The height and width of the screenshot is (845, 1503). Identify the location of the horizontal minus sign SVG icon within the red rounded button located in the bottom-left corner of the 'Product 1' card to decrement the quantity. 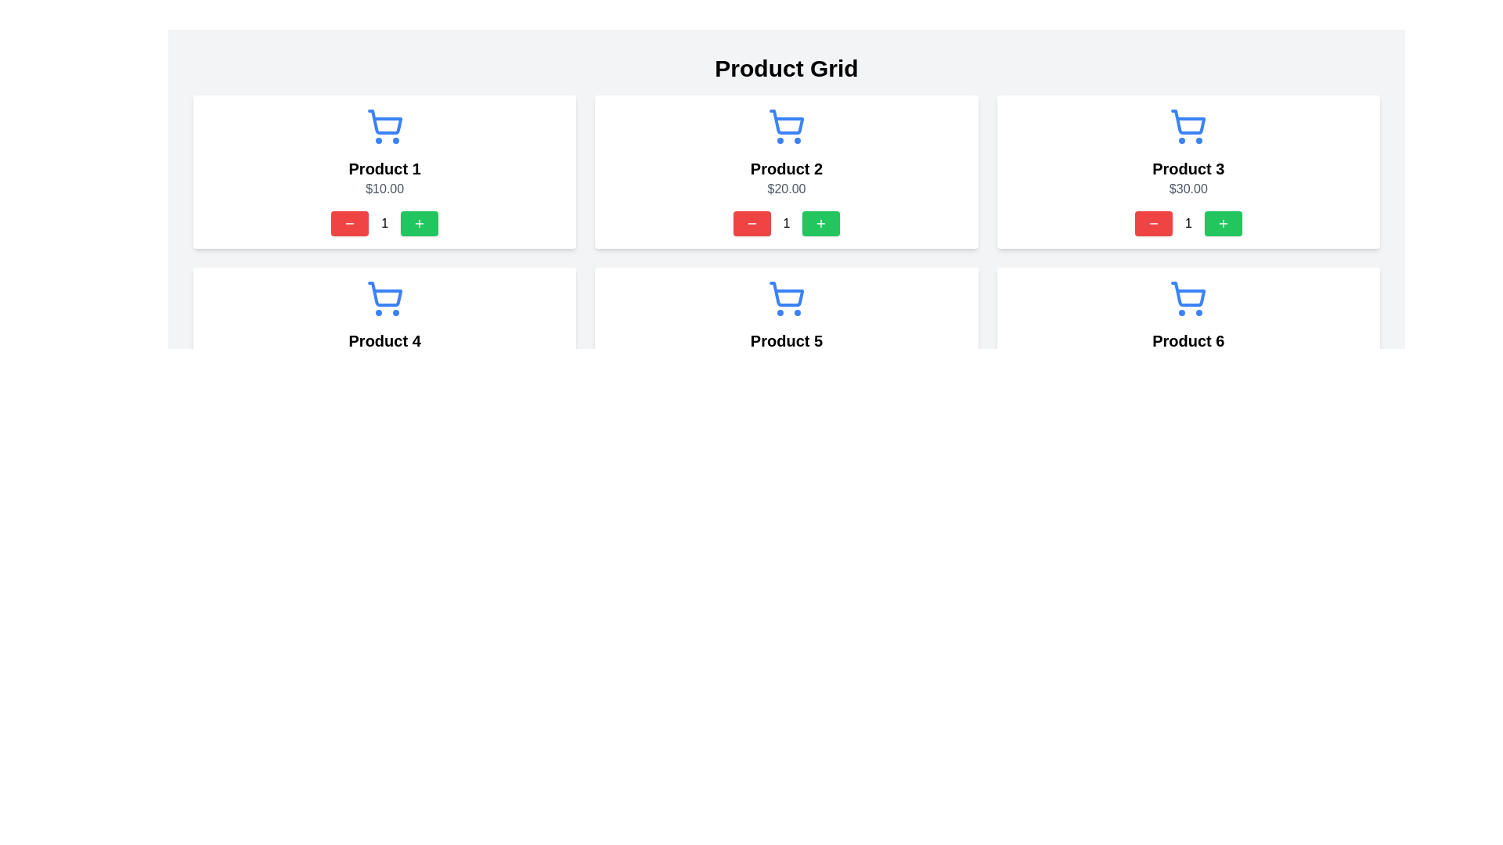
(349, 223).